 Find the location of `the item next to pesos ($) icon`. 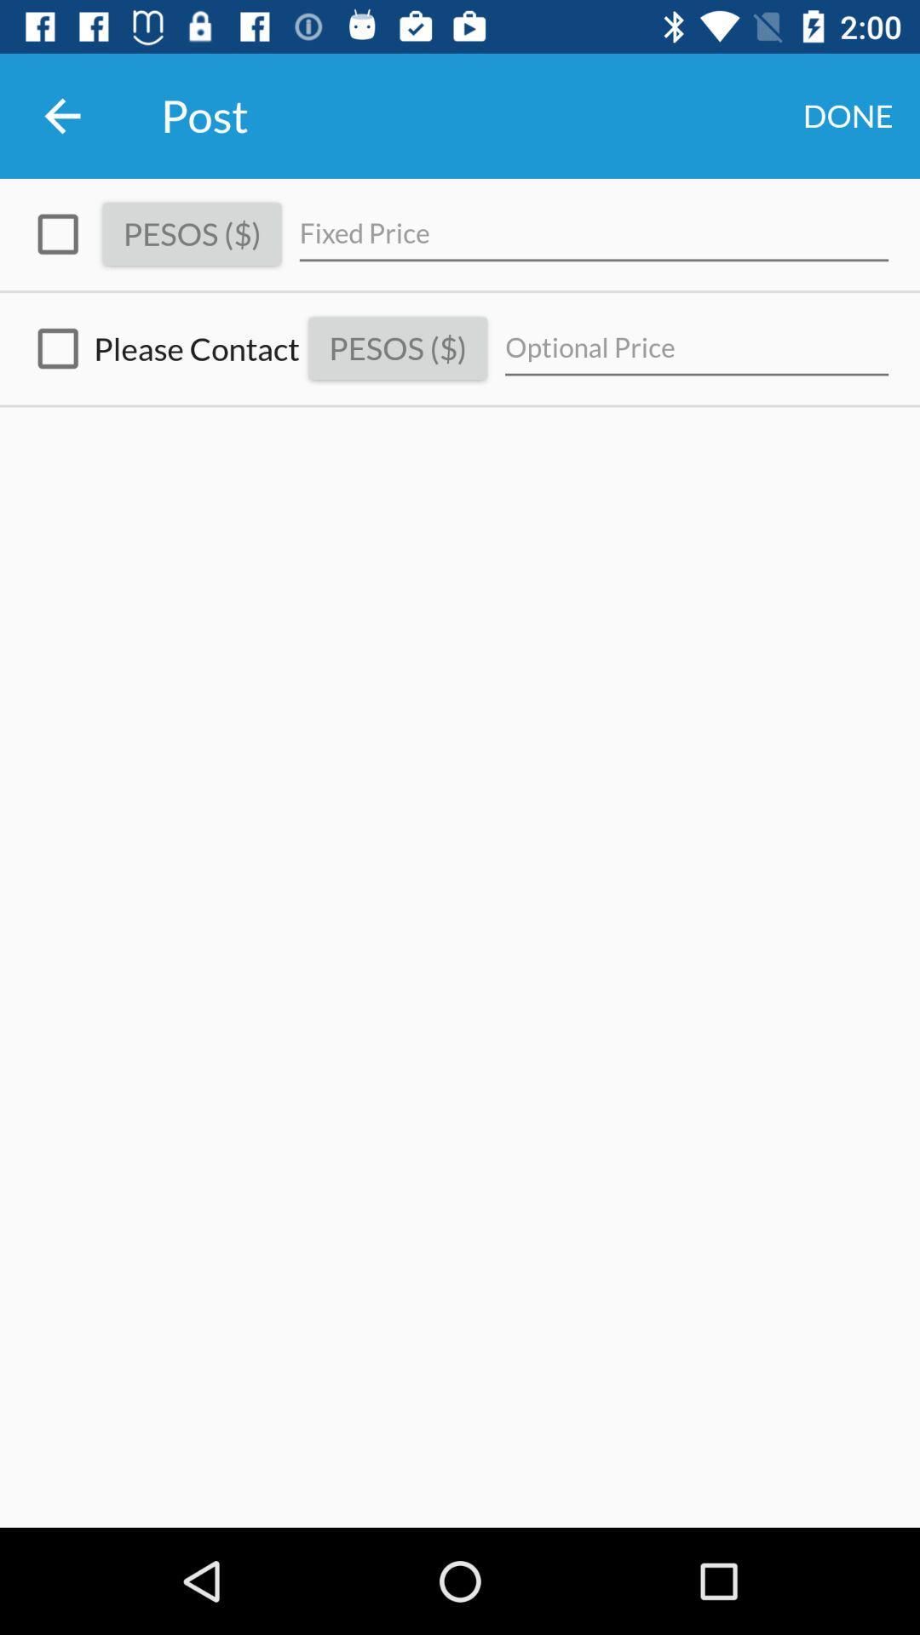

the item next to pesos ($) icon is located at coordinates (593, 233).